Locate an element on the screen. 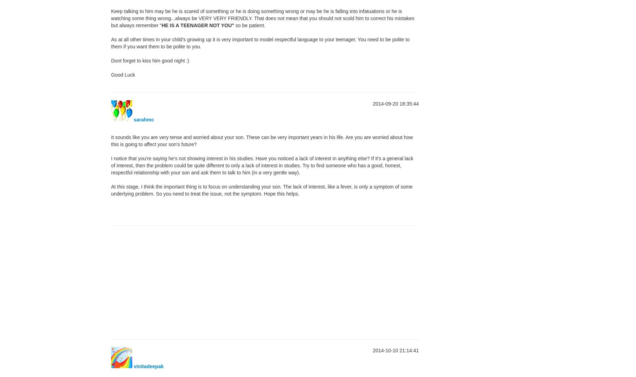  'It sounds like you are very tense and worried about your son. These can be very important years in his life. Are you are worried about how this is going to affect your son's future?' is located at coordinates (261, 140).